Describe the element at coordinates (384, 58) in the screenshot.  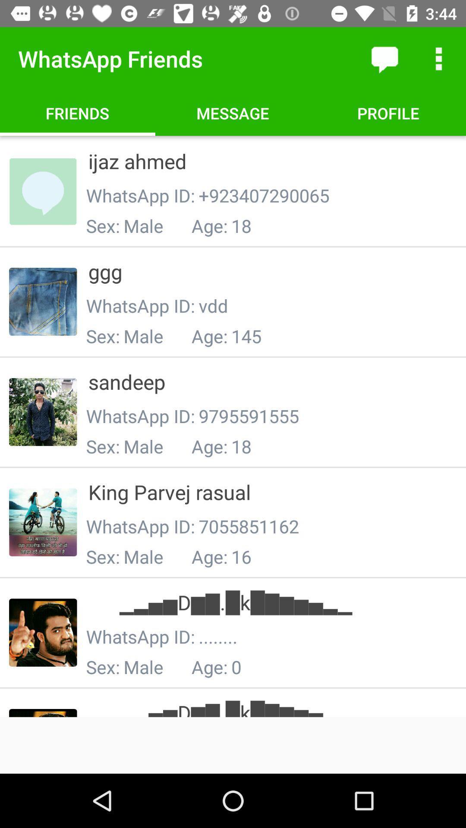
I see `write a message` at that location.